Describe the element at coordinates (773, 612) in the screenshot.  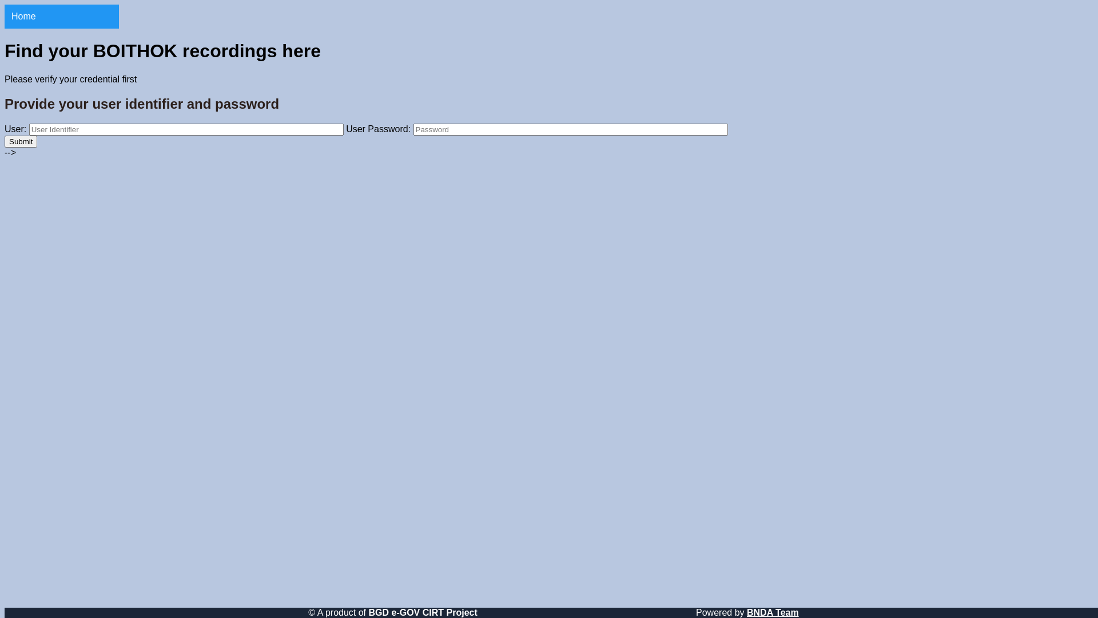
I see `'BNDA Team'` at that location.